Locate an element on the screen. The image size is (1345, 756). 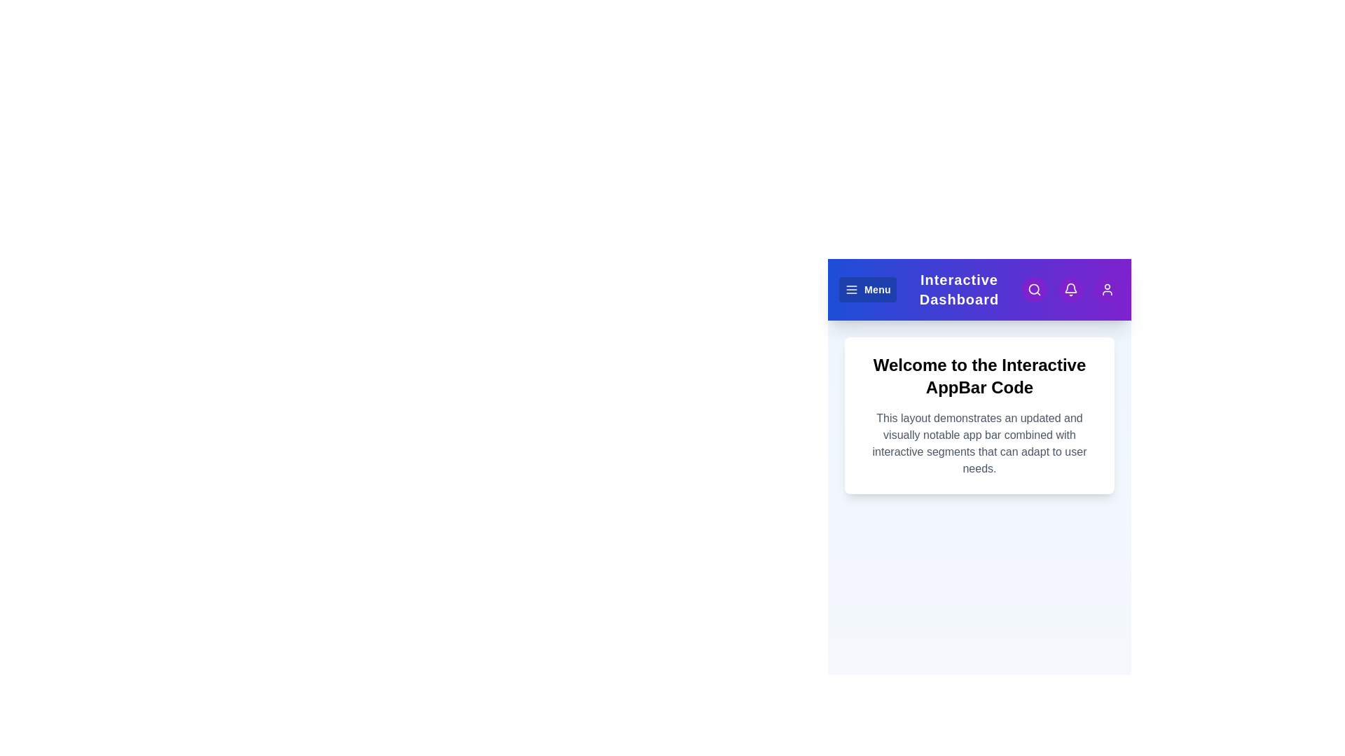
the 'Search' icon to initiate a search is located at coordinates (1035, 288).